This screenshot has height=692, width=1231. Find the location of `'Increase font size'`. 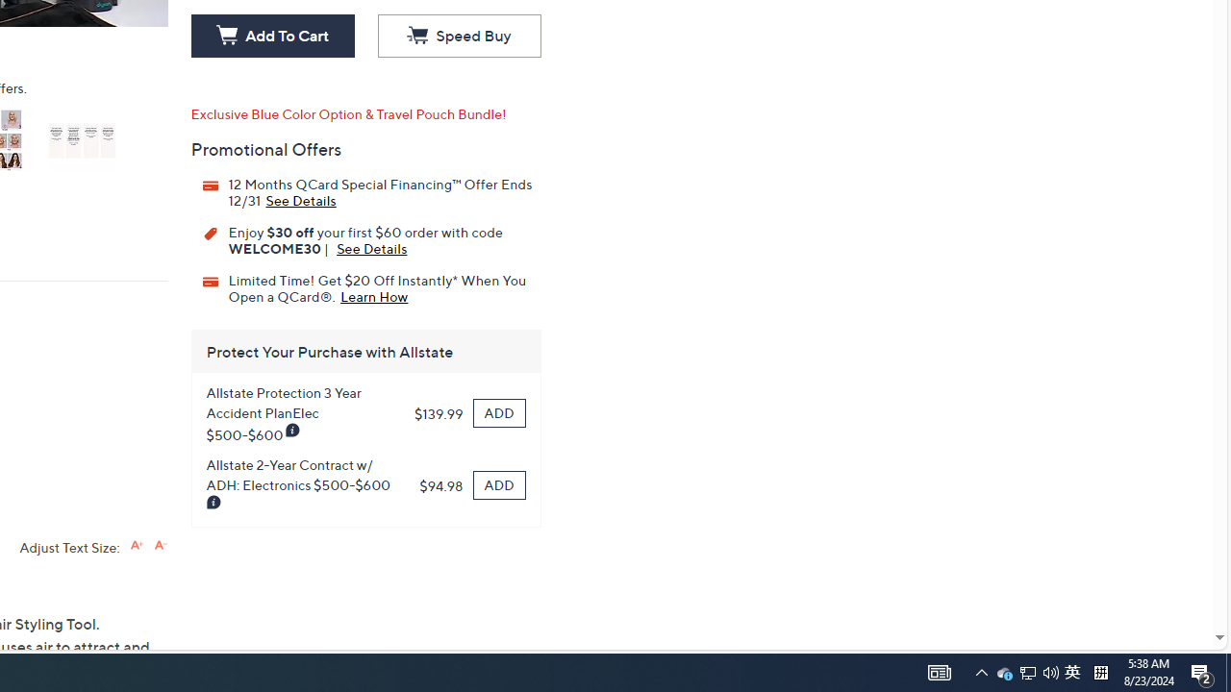

'Increase font size' is located at coordinates (136, 545).